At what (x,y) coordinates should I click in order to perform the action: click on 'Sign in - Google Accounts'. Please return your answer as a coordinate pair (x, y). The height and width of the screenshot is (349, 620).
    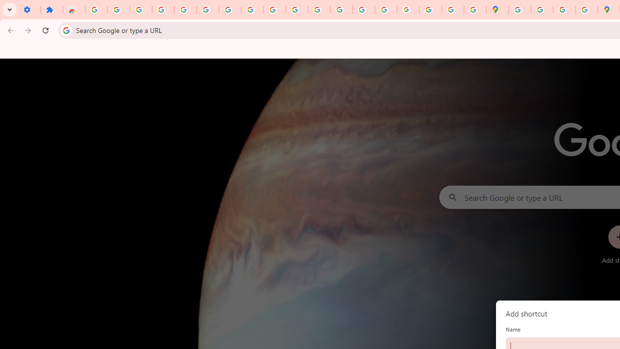
    Looking at the image, I should click on (96, 10).